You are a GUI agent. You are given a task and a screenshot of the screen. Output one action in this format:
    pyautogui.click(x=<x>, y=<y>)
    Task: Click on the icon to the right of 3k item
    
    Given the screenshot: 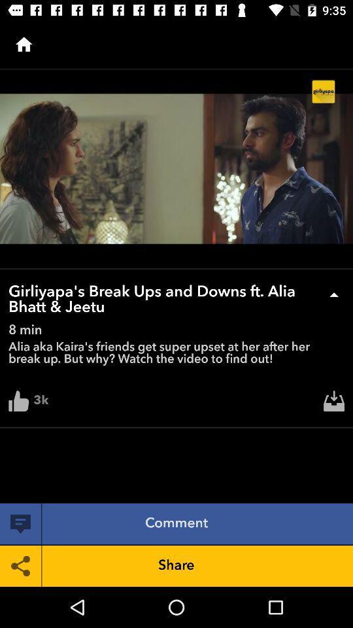 What is the action you would take?
    pyautogui.click(x=334, y=404)
    